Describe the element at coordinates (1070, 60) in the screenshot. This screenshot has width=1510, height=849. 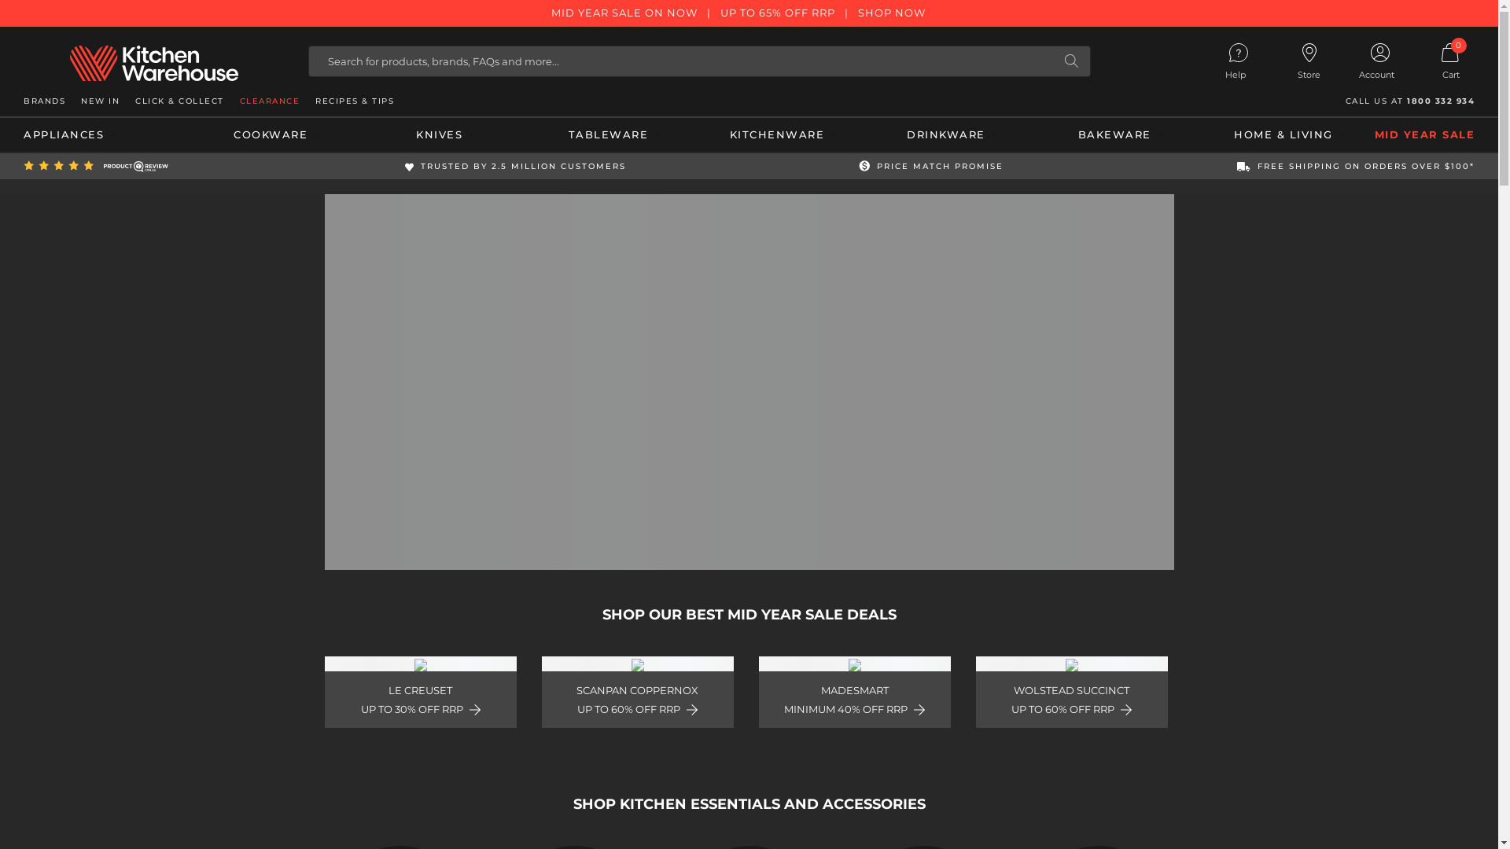
I see `'Search'` at that location.